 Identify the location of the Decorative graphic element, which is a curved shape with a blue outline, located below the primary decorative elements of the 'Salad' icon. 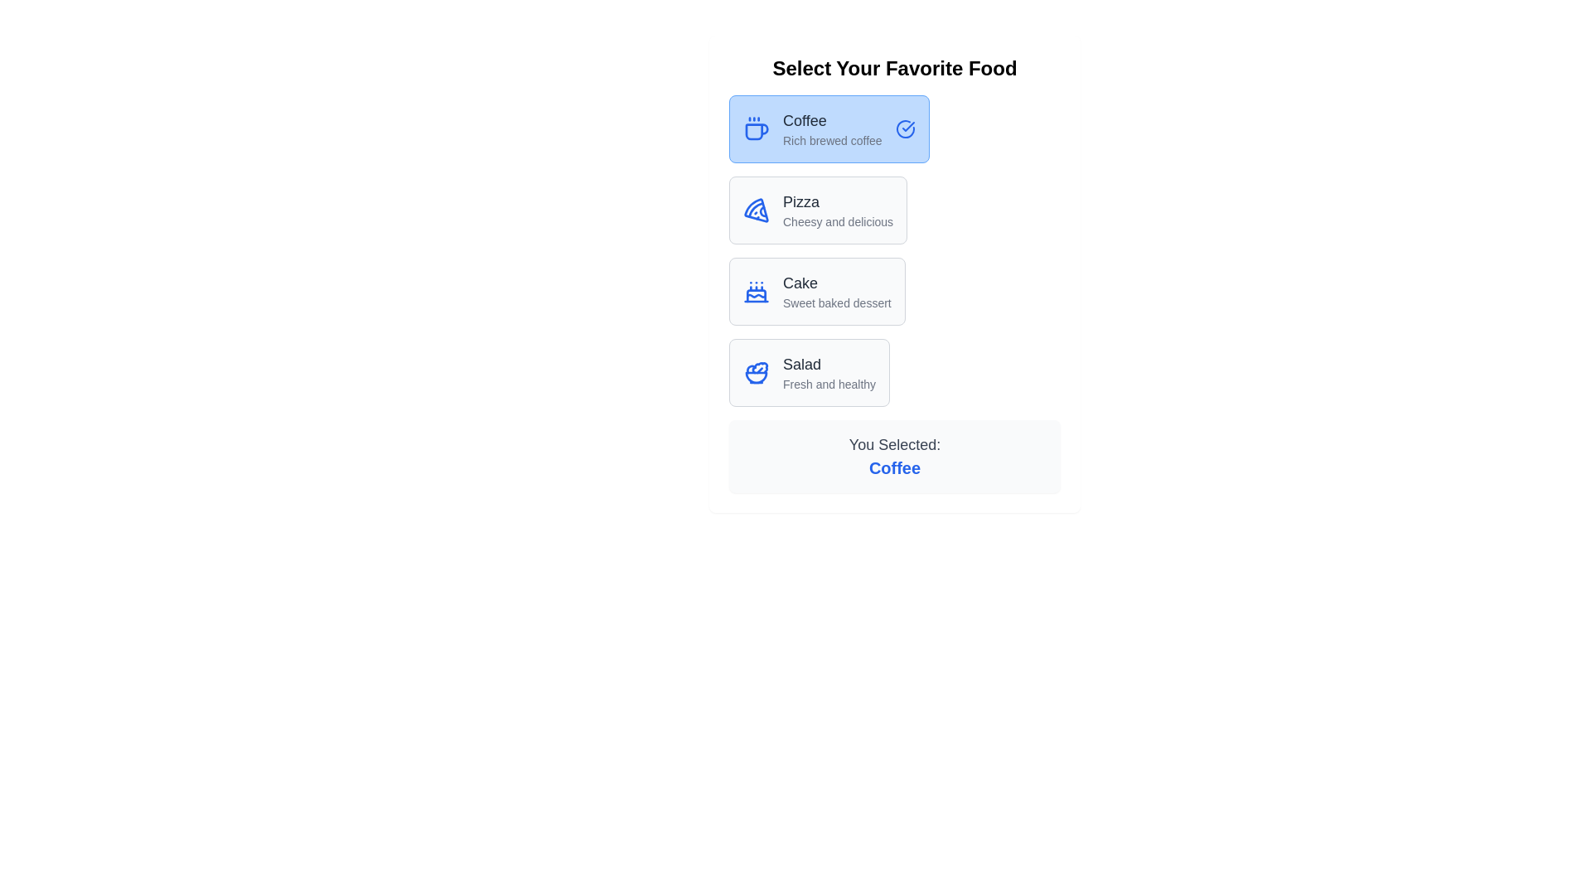
(755, 377).